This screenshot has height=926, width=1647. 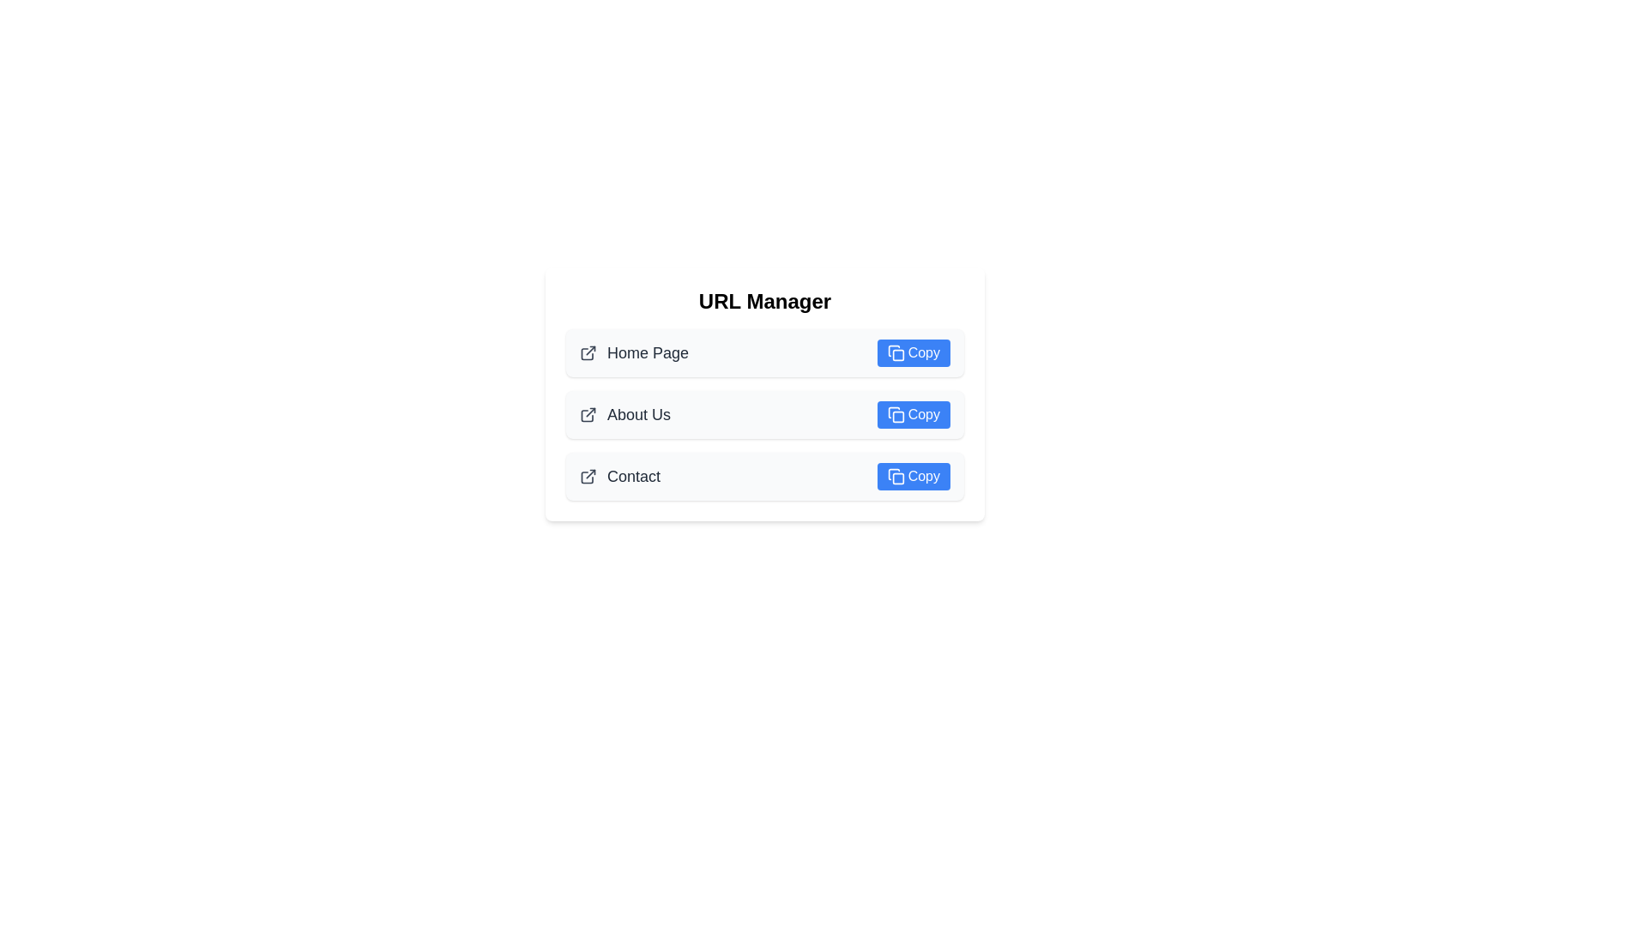 What do you see at coordinates (587, 478) in the screenshot?
I see `the third icon` at bounding box center [587, 478].